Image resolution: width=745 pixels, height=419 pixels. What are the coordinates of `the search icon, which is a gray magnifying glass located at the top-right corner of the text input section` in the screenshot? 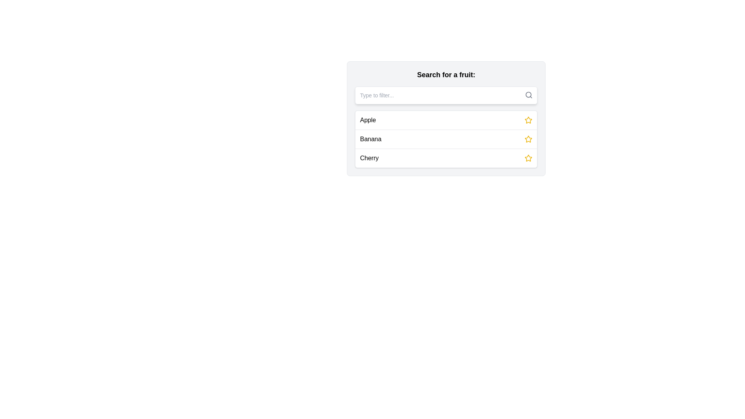 It's located at (528, 95).